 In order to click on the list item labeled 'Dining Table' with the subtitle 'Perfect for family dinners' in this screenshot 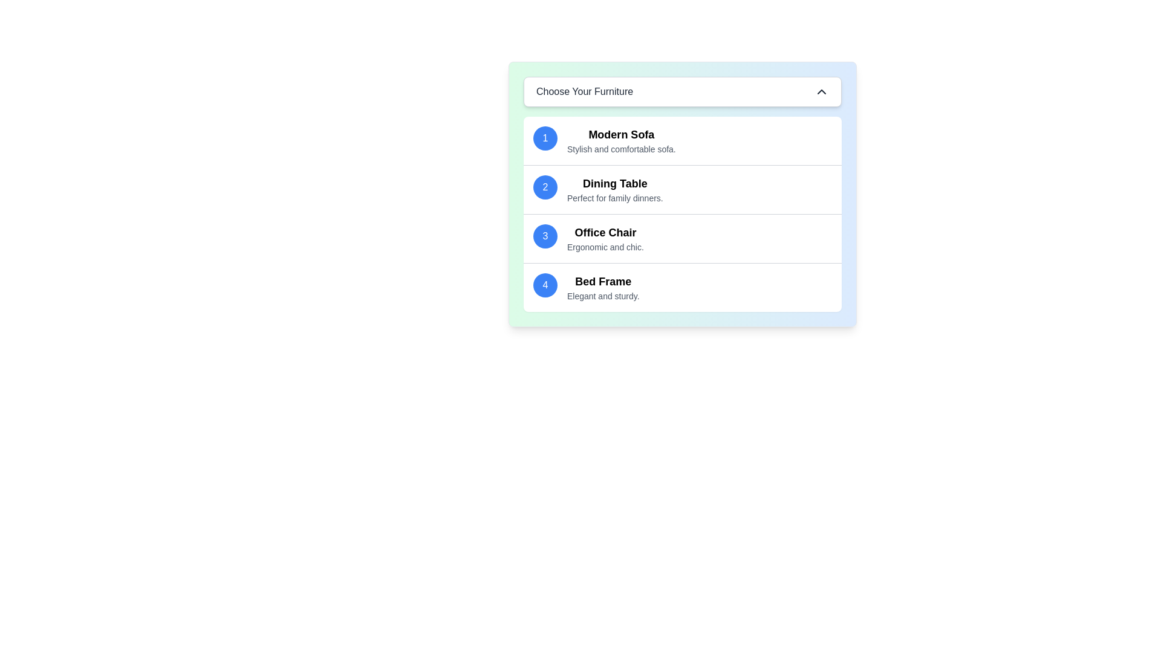, I will do `click(615, 189)`.